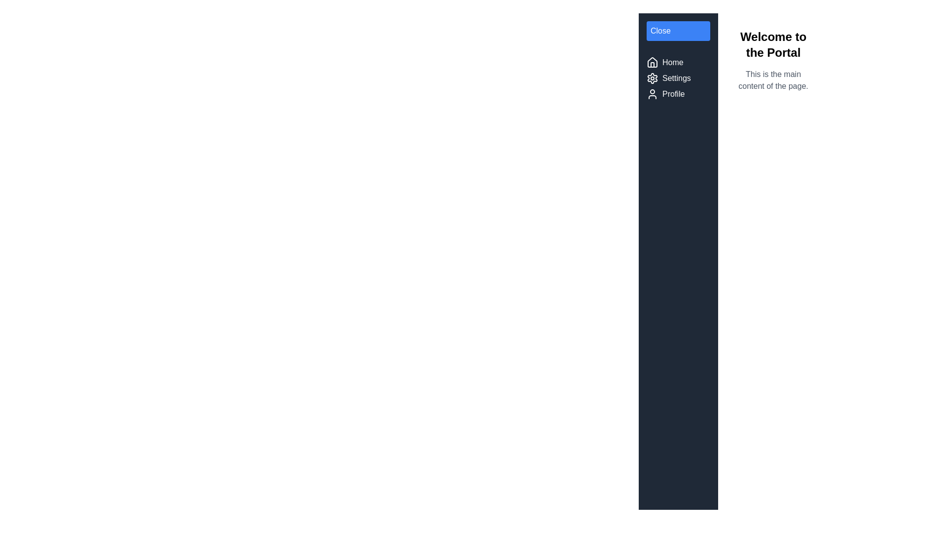 The height and width of the screenshot is (533, 947). Describe the element at coordinates (676, 77) in the screenshot. I see `the 'Settings' text label, which is displayed in white font on a dark background and is part of a vertical navigation menu` at that location.